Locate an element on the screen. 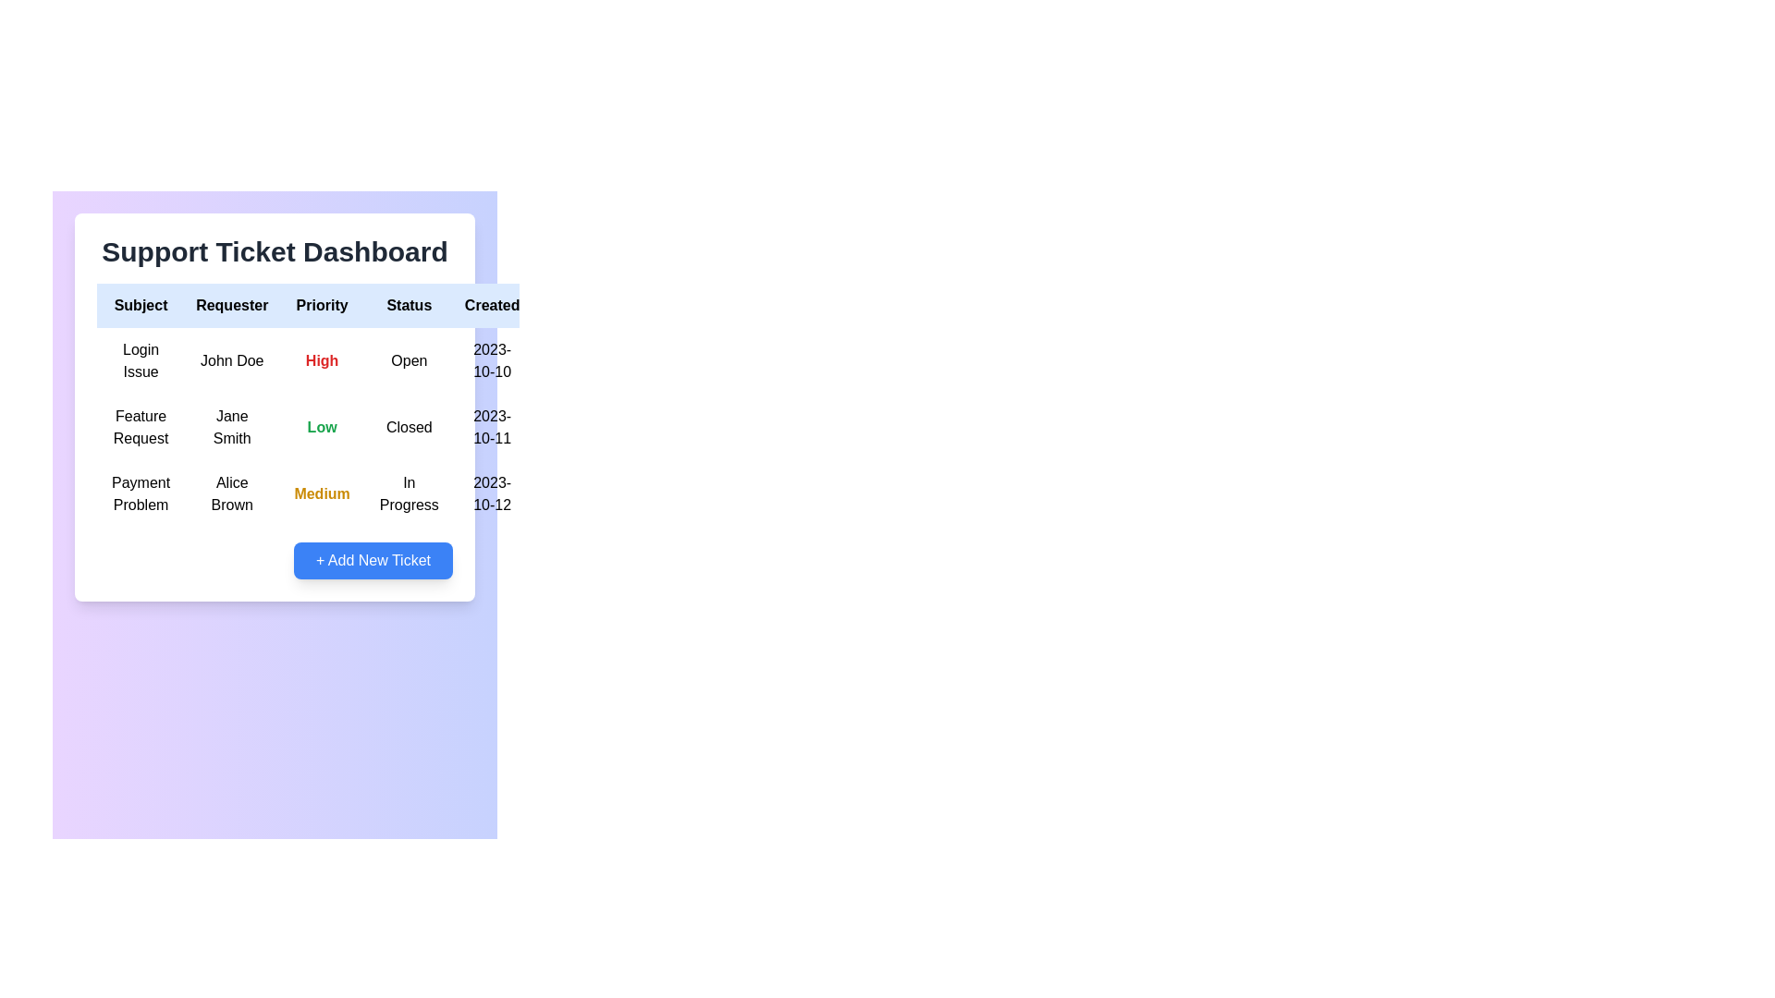 The width and height of the screenshot is (1775, 998). the 'Low' priority text label in the support ticket table, which is the third element in the row for the ticket titled 'Feature Request' is located at coordinates (322, 427).